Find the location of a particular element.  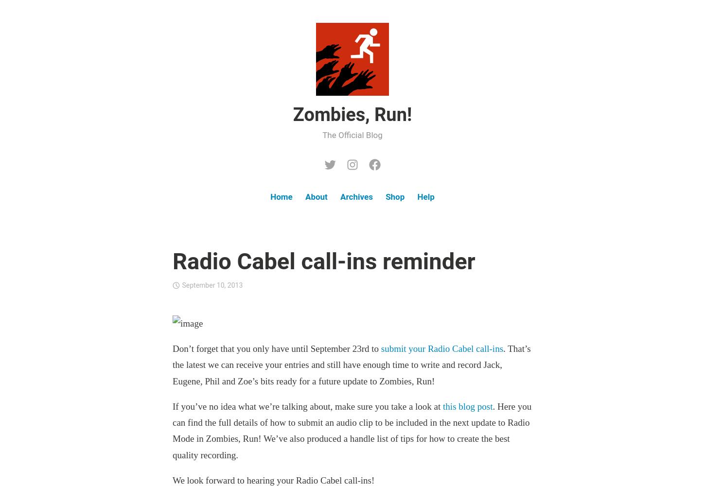

'If you’ve no idea what we’re talking about, make sure you take a look at' is located at coordinates (172, 405).